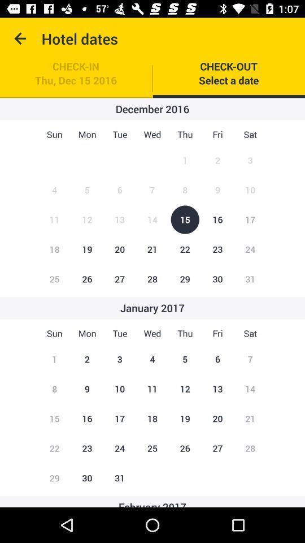 The height and width of the screenshot is (543, 305). What do you see at coordinates (250, 190) in the screenshot?
I see `the figure beside the number 9` at bounding box center [250, 190].